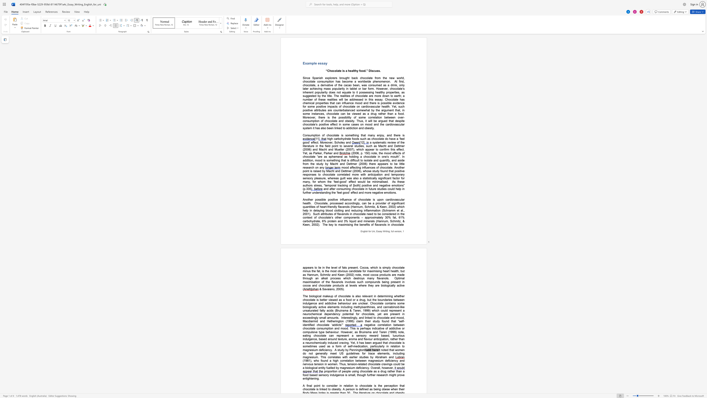 Image resolution: width=707 pixels, height=398 pixels. What do you see at coordinates (396, 231) in the screenshot?
I see `the space between the continuous character "e" and "r" in the text` at bounding box center [396, 231].